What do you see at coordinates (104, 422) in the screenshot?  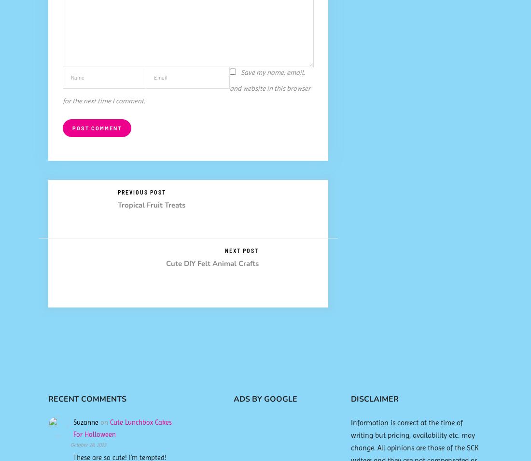 I see `'on'` at bounding box center [104, 422].